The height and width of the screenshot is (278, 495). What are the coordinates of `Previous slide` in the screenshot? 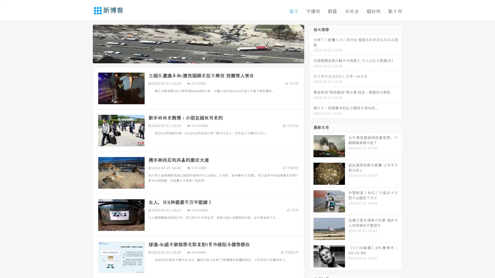 It's located at (85, 43).